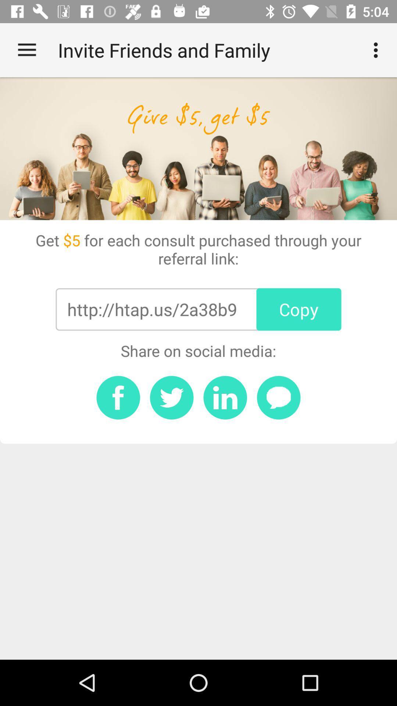  What do you see at coordinates (299, 309) in the screenshot?
I see `item next to http htap us item` at bounding box center [299, 309].